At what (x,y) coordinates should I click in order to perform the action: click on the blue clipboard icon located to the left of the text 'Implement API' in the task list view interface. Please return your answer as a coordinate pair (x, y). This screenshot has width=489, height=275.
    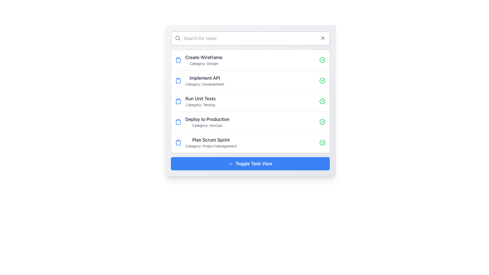
    Looking at the image, I should click on (178, 80).